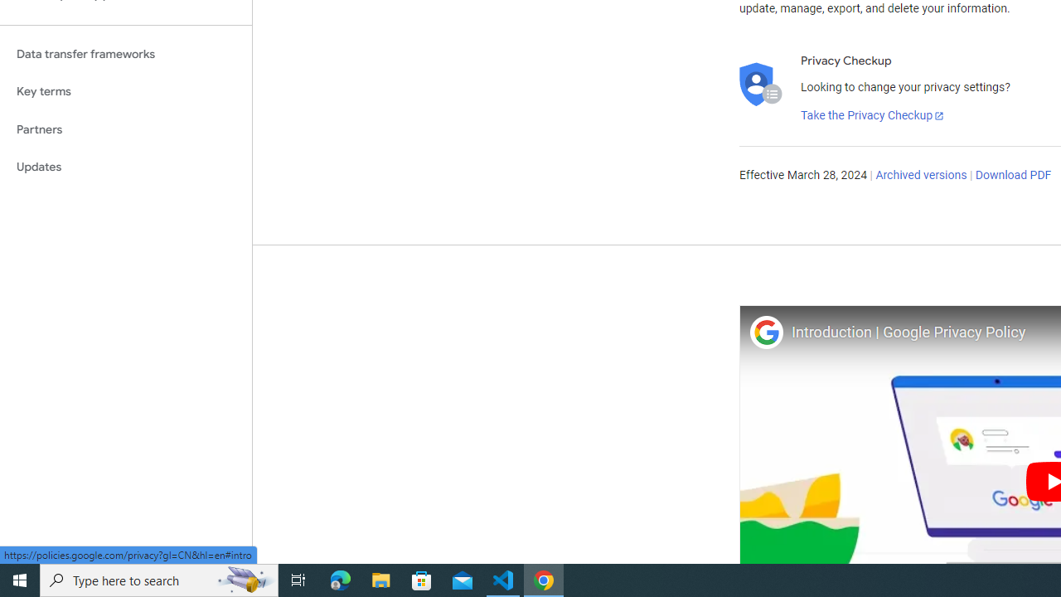  What do you see at coordinates (125, 53) in the screenshot?
I see `'Data transfer frameworks'` at bounding box center [125, 53].